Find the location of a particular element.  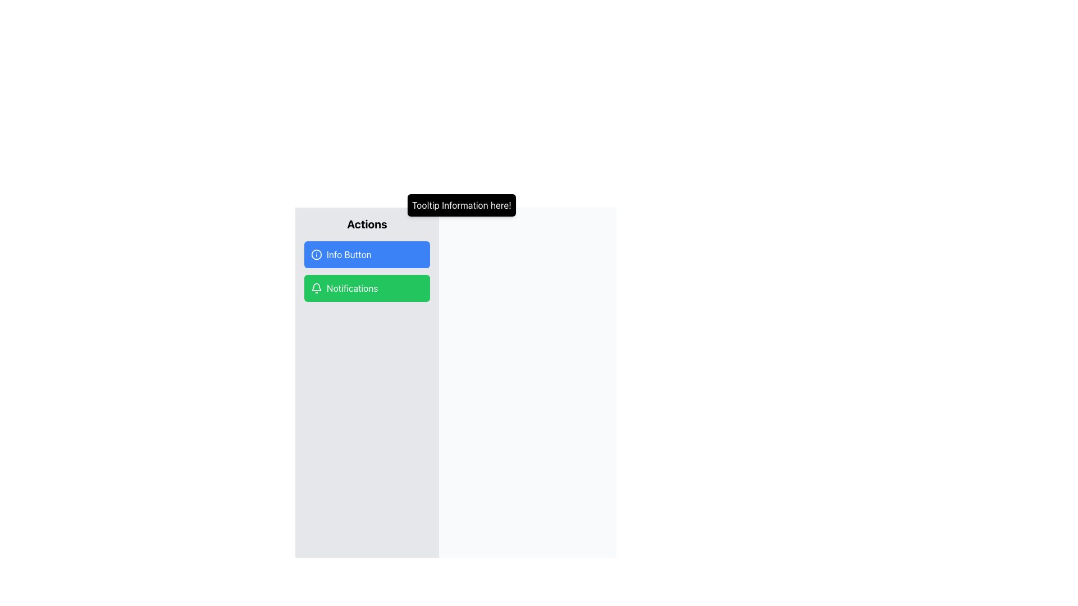

the bell icon located within the green 'Notifications' button is located at coordinates (316, 286).